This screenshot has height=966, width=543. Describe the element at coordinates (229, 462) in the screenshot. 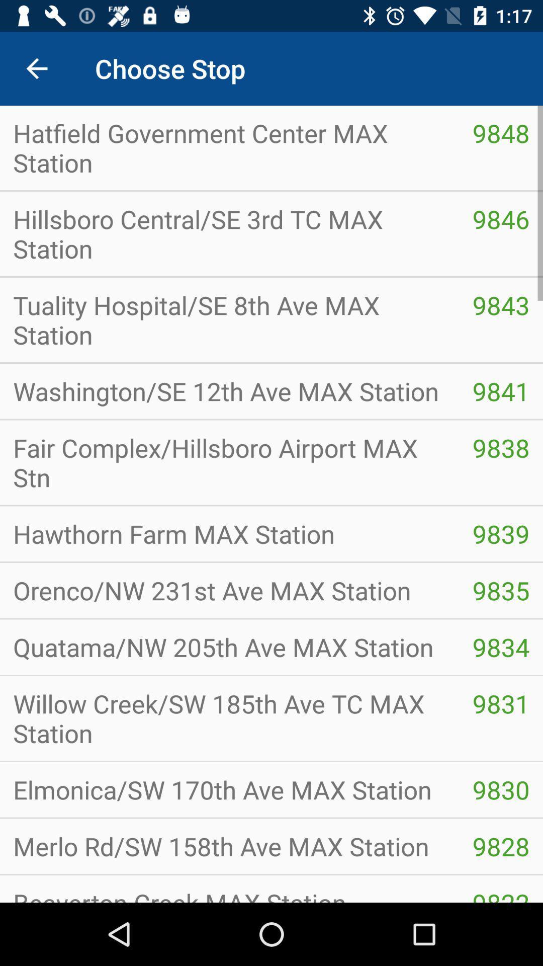

I see `the fair complex hillsboro icon` at that location.